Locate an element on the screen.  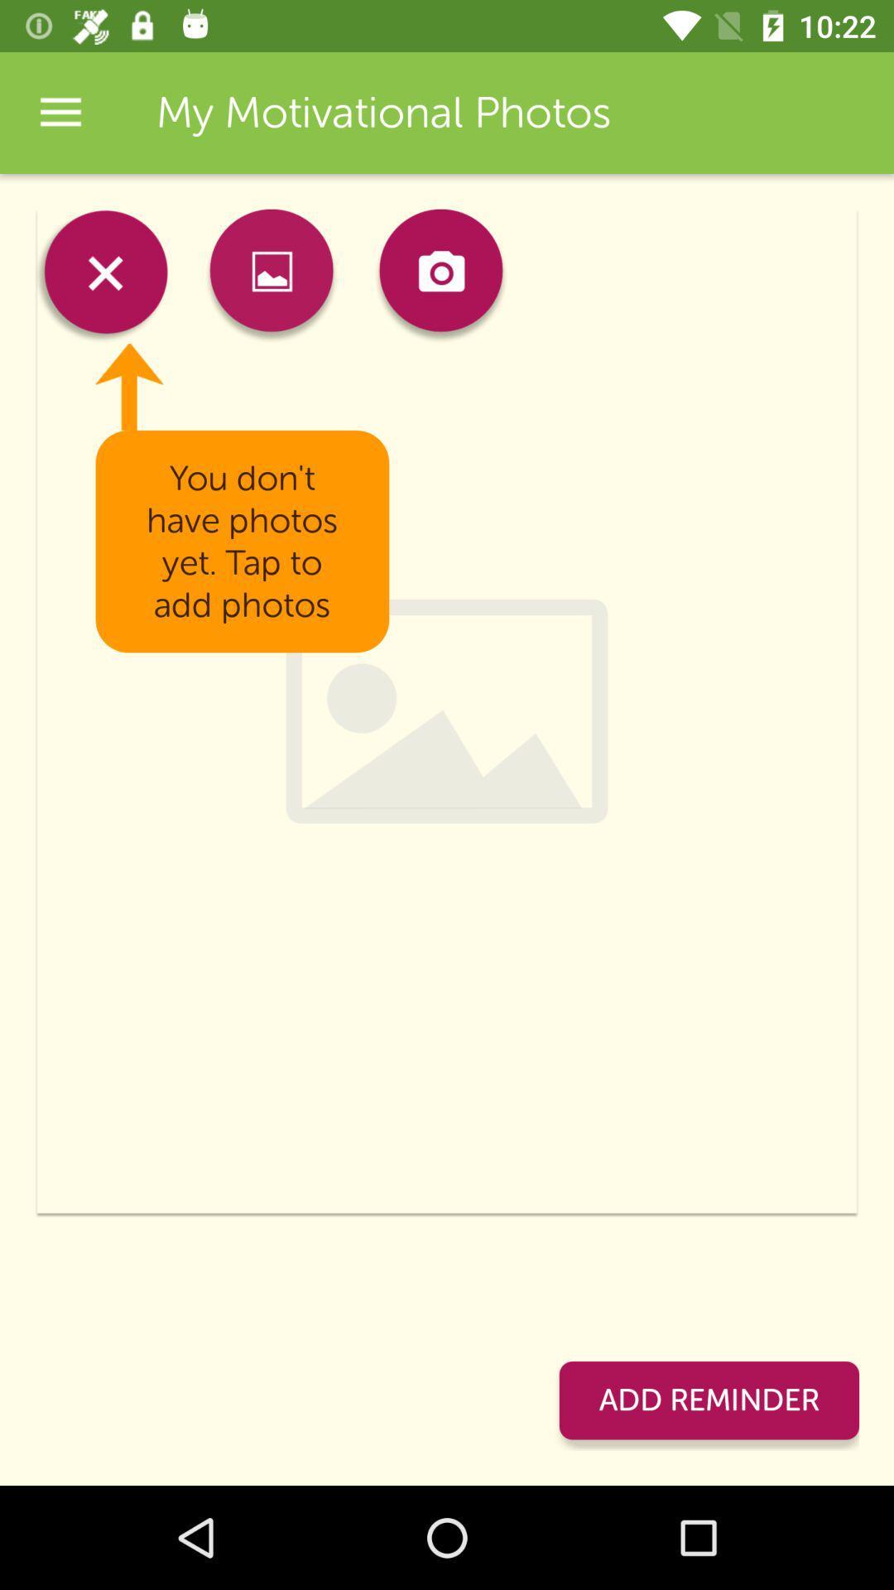
the add reminder icon is located at coordinates (708, 1400).